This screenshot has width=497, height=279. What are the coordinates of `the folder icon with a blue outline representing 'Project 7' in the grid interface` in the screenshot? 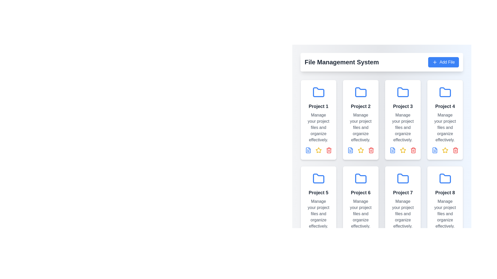 It's located at (403, 178).